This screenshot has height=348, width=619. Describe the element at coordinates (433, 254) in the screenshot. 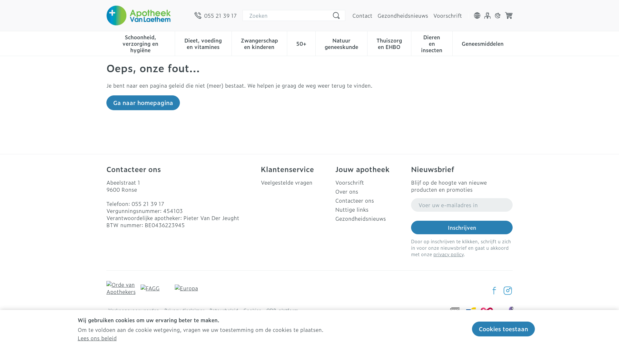

I see `'privacy policy'` at that location.